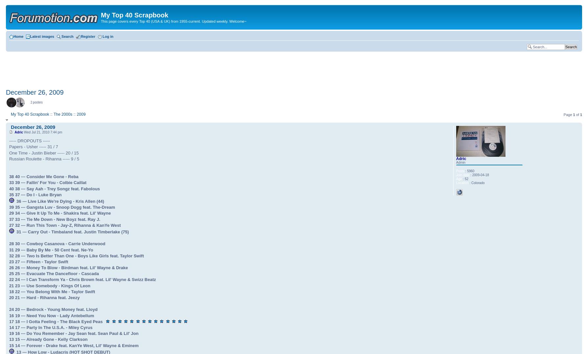 The height and width of the screenshot is (354, 588). What do you see at coordinates (62, 207) in the screenshot?
I see `'39 35 --- Gangsta Luv - Snoop Dogg feat. The-Dream'` at bounding box center [62, 207].